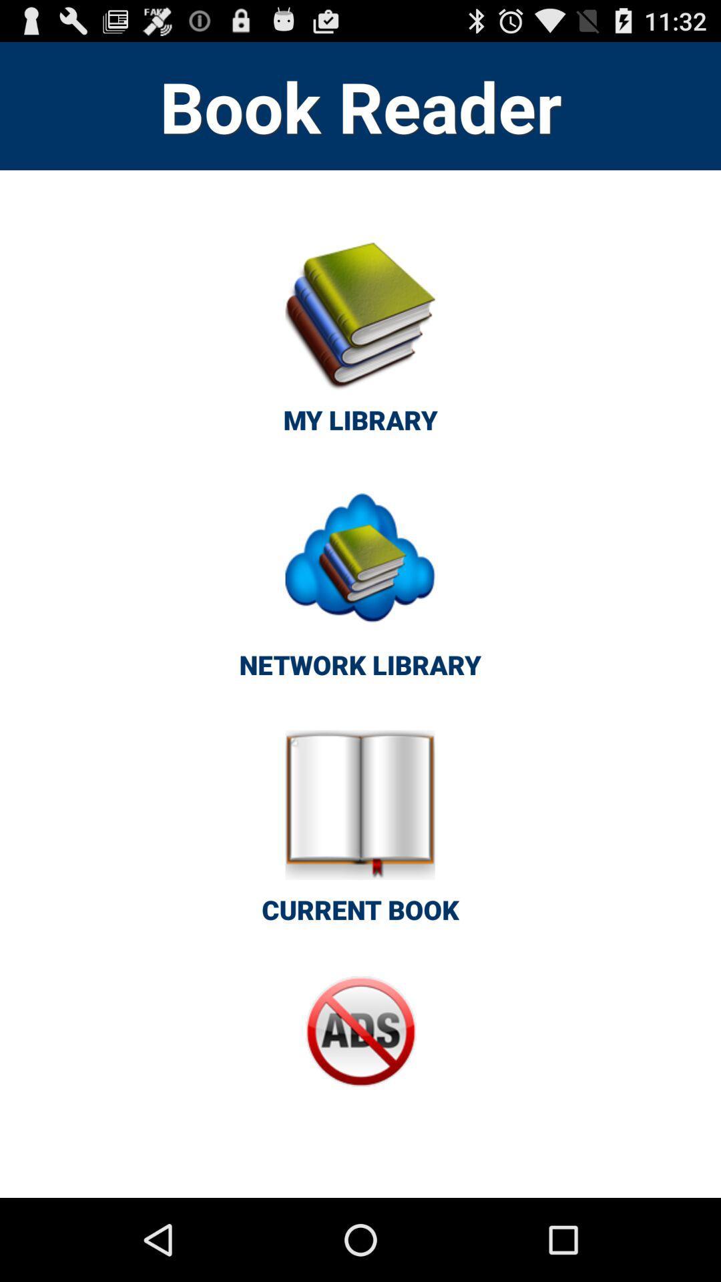 The height and width of the screenshot is (1282, 721). Describe the element at coordinates (360, 1059) in the screenshot. I see `button at the bottom` at that location.